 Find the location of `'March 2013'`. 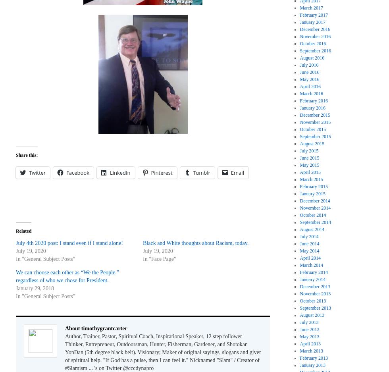

'March 2013' is located at coordinates (311, 350).